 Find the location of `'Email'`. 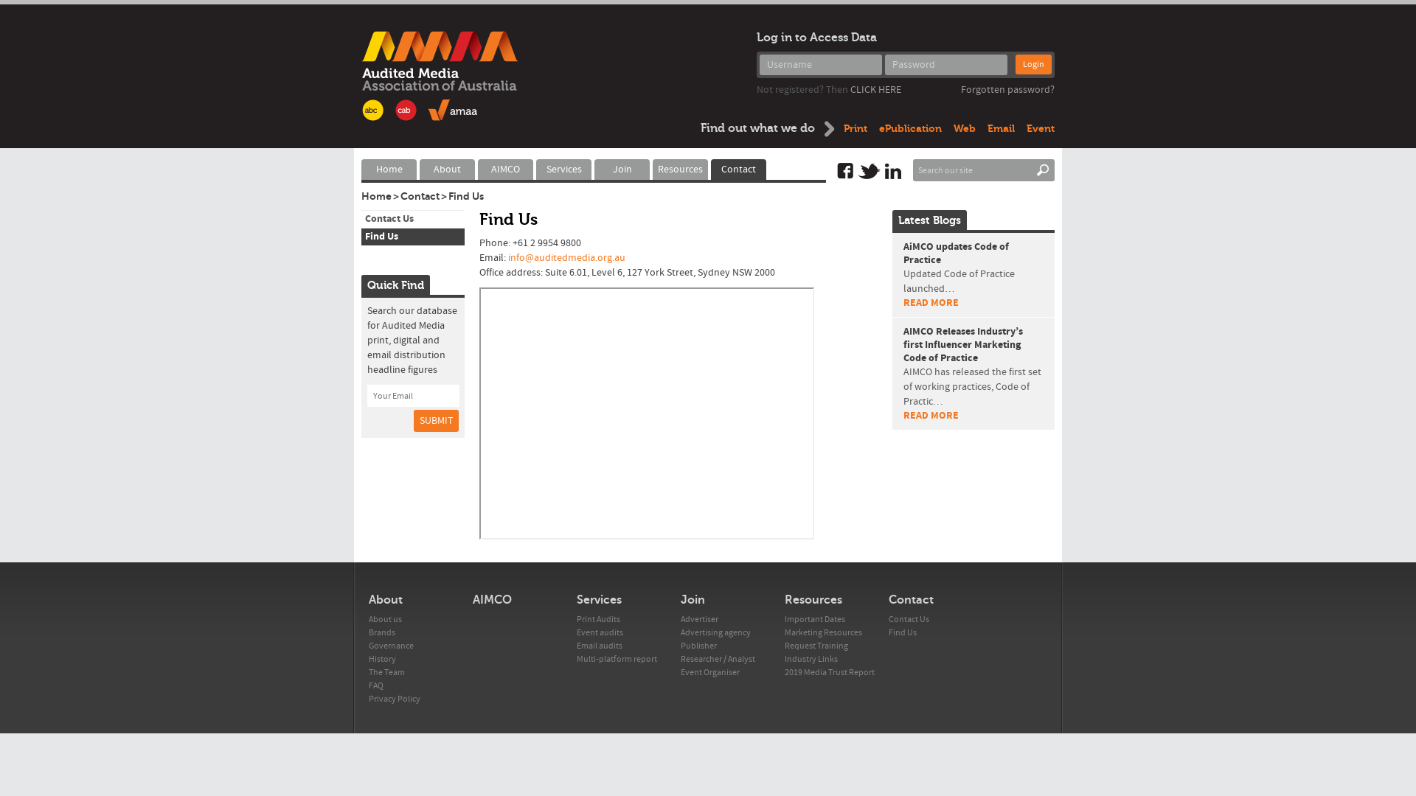

'Email' is located at coordinates (988, 127).